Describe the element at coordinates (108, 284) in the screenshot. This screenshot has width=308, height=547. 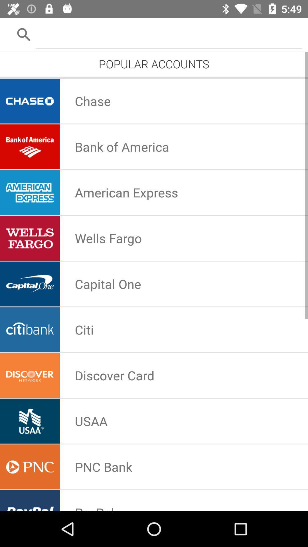
I see `the item above citi icon` at that location.